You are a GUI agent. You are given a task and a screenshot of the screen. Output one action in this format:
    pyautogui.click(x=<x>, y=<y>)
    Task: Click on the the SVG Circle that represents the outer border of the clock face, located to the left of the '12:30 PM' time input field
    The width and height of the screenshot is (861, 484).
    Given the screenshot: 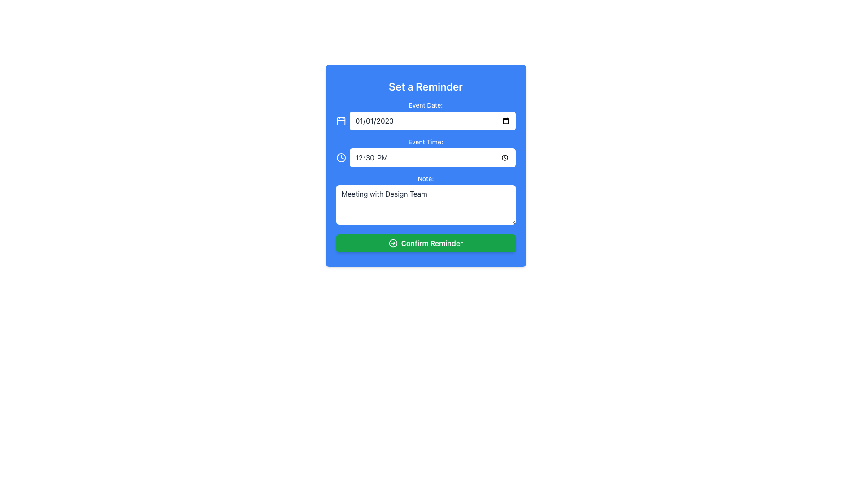 What is the action you would take?
    pyautogui.click(x=340, y=157)
    